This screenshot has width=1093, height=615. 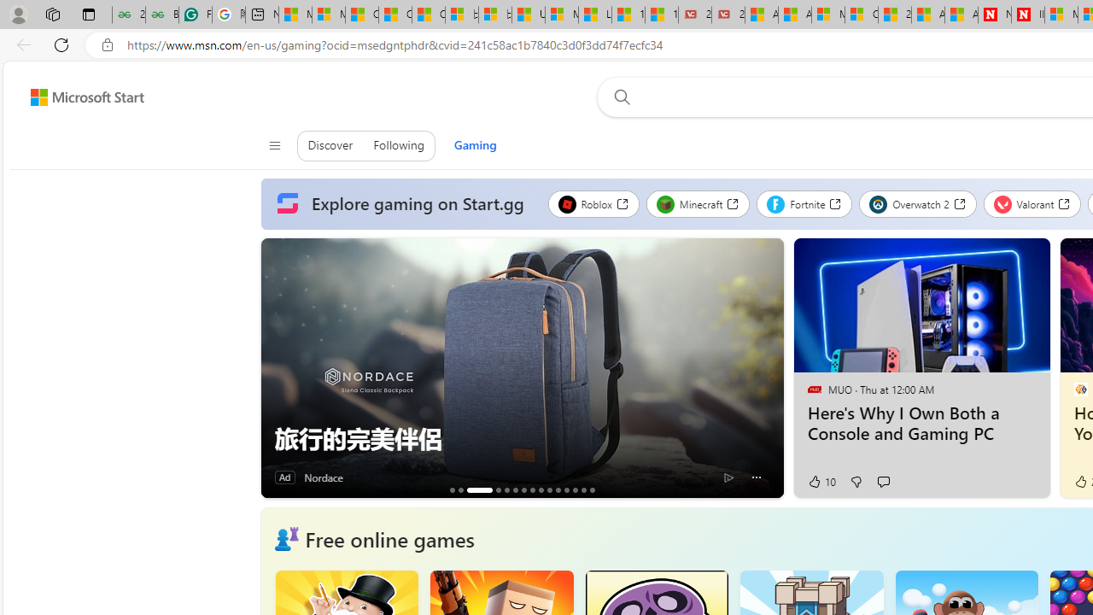 What do you see at coordinates (558, 489) in the screenshot?
I see `'AutomationID: tab_nativead-infopane-11'` at bounding box center [558, 489].